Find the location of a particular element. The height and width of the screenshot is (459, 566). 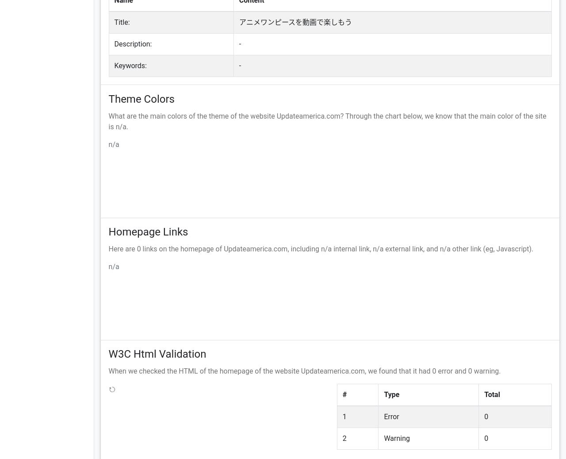

'Here are 0 links on the homepage of Updateamerica.com, including n/a internal link, n/a external link, and n/a other link (eg, Javascript).' is located at coordinates (320, 248).